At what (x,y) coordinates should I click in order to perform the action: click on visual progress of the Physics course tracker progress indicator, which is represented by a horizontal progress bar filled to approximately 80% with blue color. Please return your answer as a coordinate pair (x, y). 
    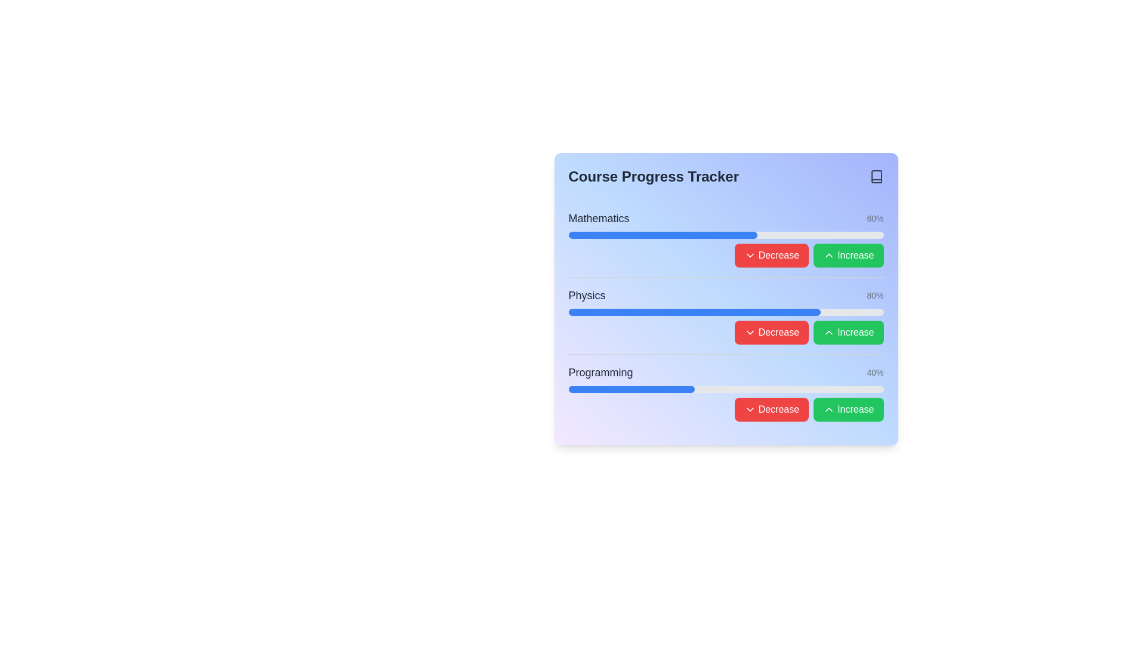
    Looking at the image, I should click on (694, 312).